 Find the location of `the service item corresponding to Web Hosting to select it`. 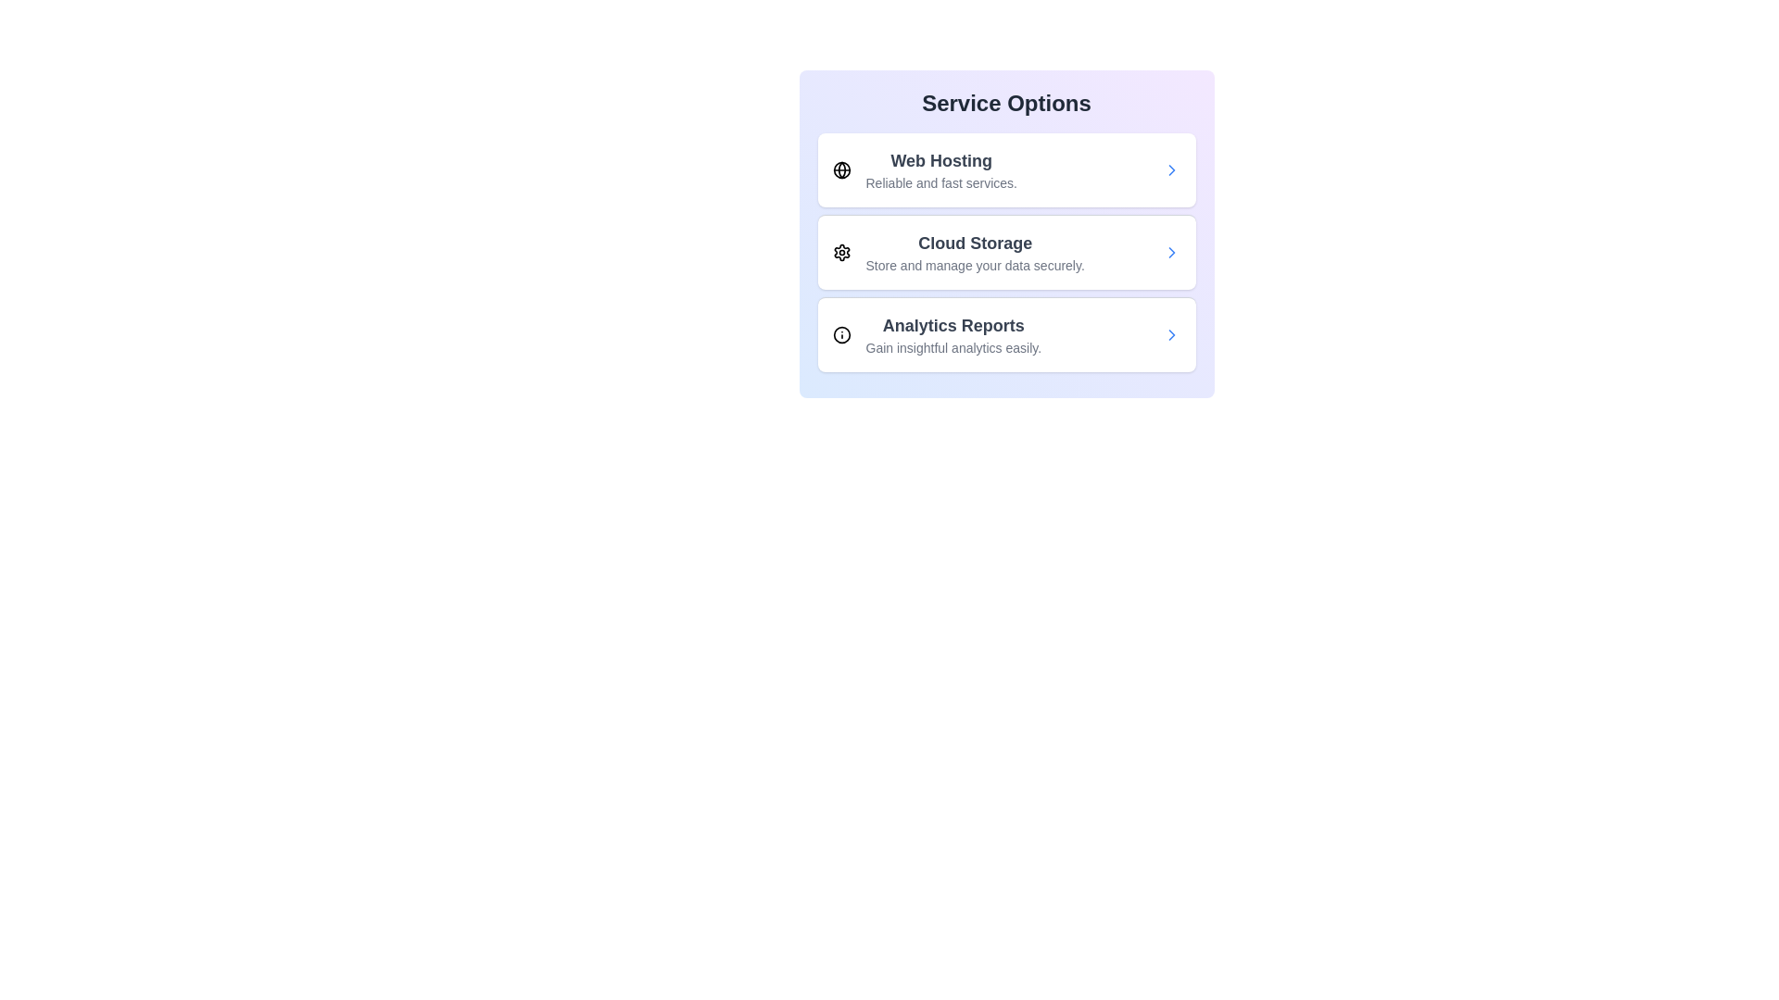

the service item corresponding to Web Hosting to select it is located at coordinates (1005, 170).